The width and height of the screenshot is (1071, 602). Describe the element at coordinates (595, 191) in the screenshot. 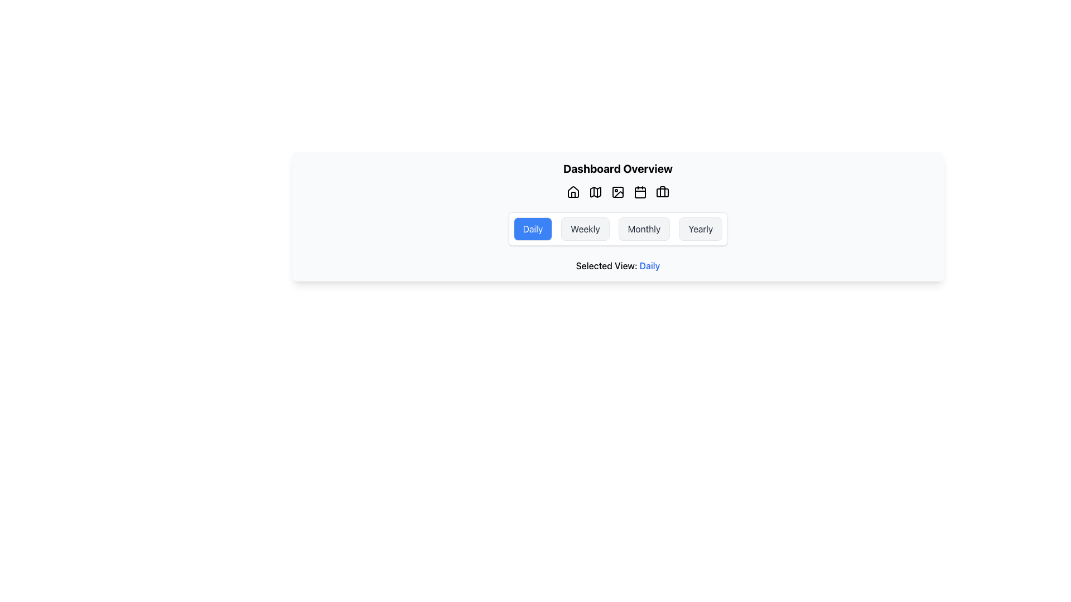

I see `the unfolded map icon button located under the 'Dashboard Overview' header` at that location.